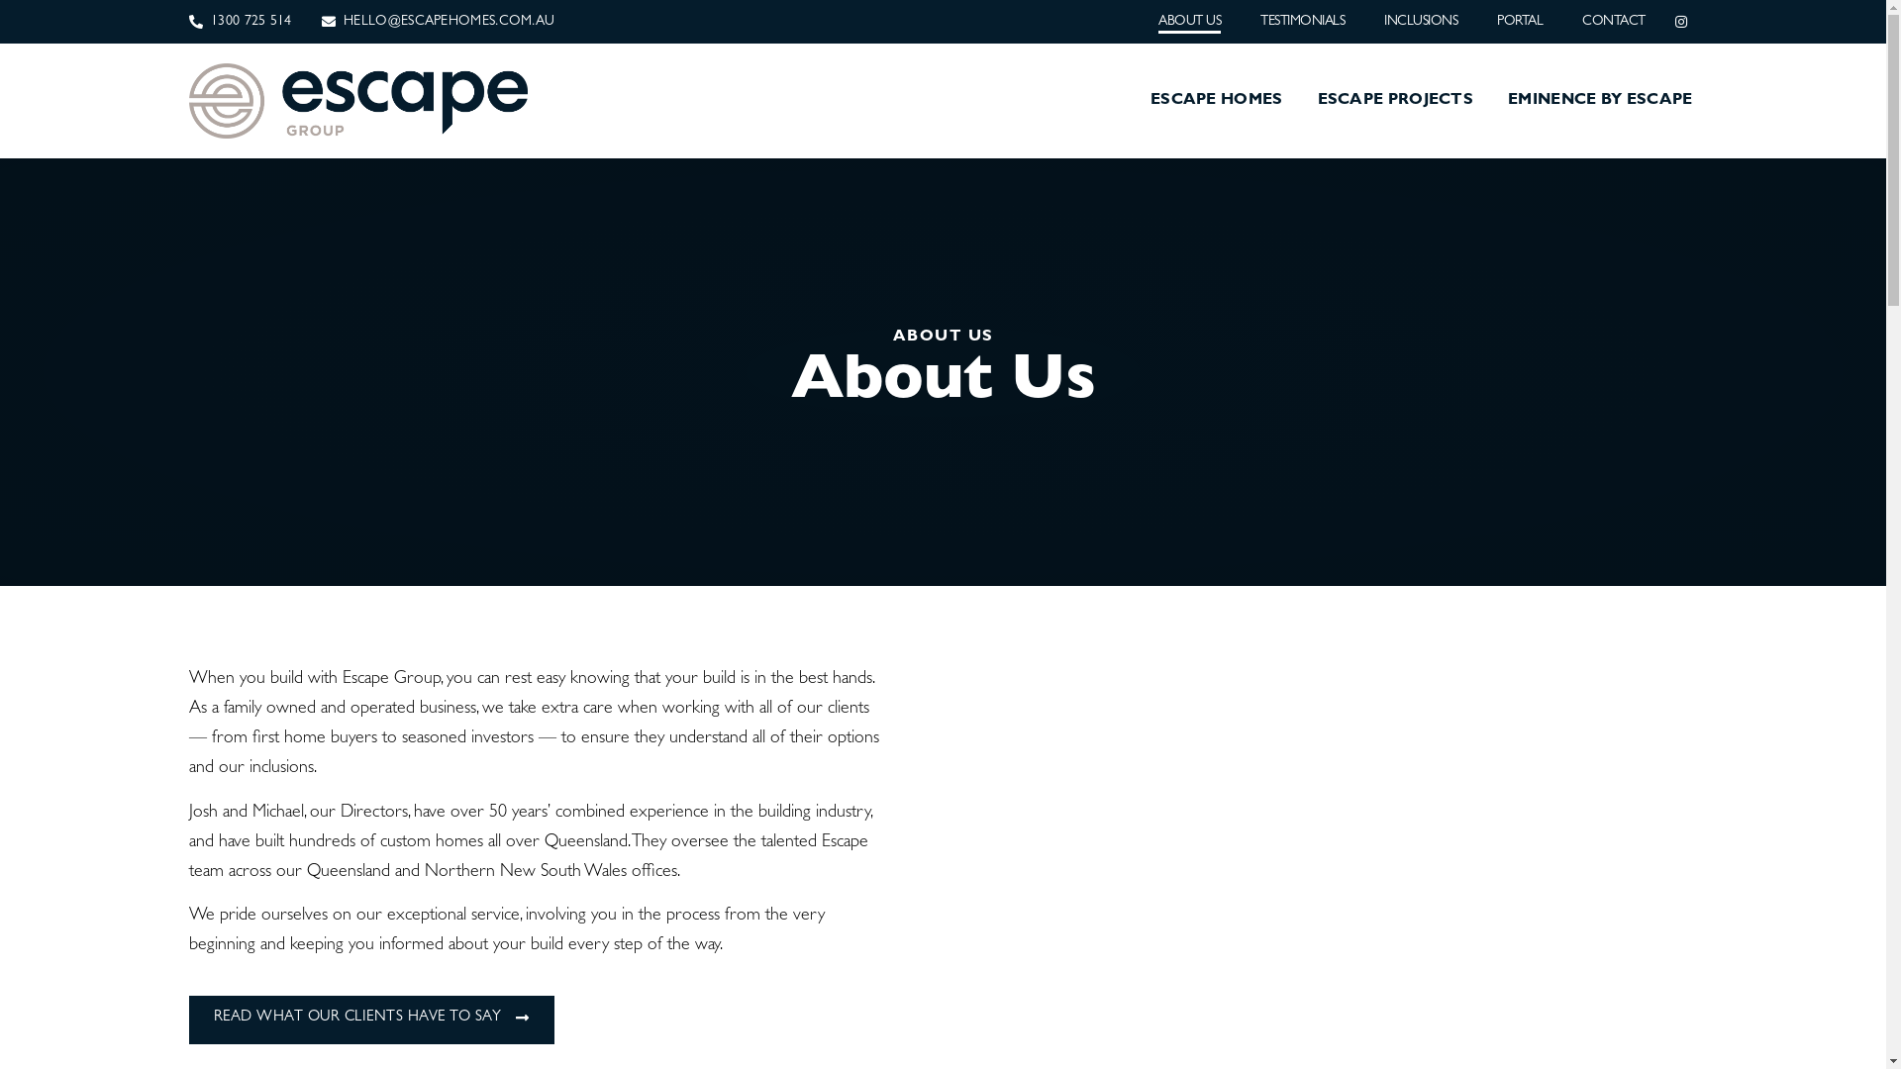 The width and height of the screenshot is (1901, 1069). What do you see at coordinates (357, 100) in the screenshot?
I see `'Escape Building Logos'` at bounding box center [357, 100].